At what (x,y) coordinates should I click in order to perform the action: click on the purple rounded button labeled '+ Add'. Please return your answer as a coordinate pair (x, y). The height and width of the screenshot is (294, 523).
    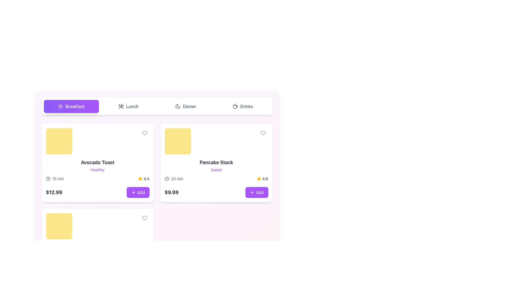
    Looking at the image, I should click on (256, 192).